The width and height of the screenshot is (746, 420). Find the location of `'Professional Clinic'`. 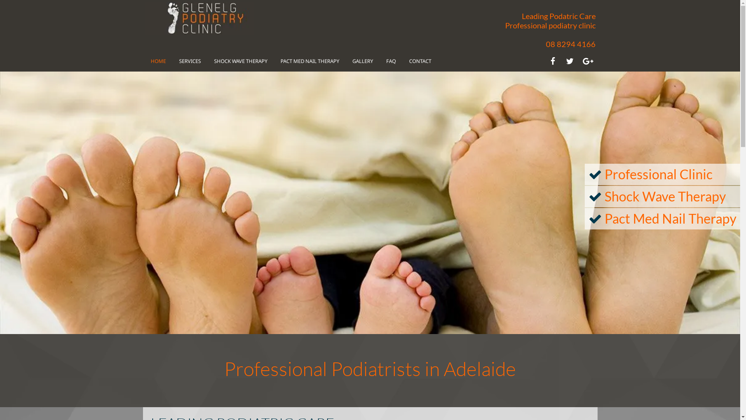

'Professional Clinic' is located at coordinates (658, 173).